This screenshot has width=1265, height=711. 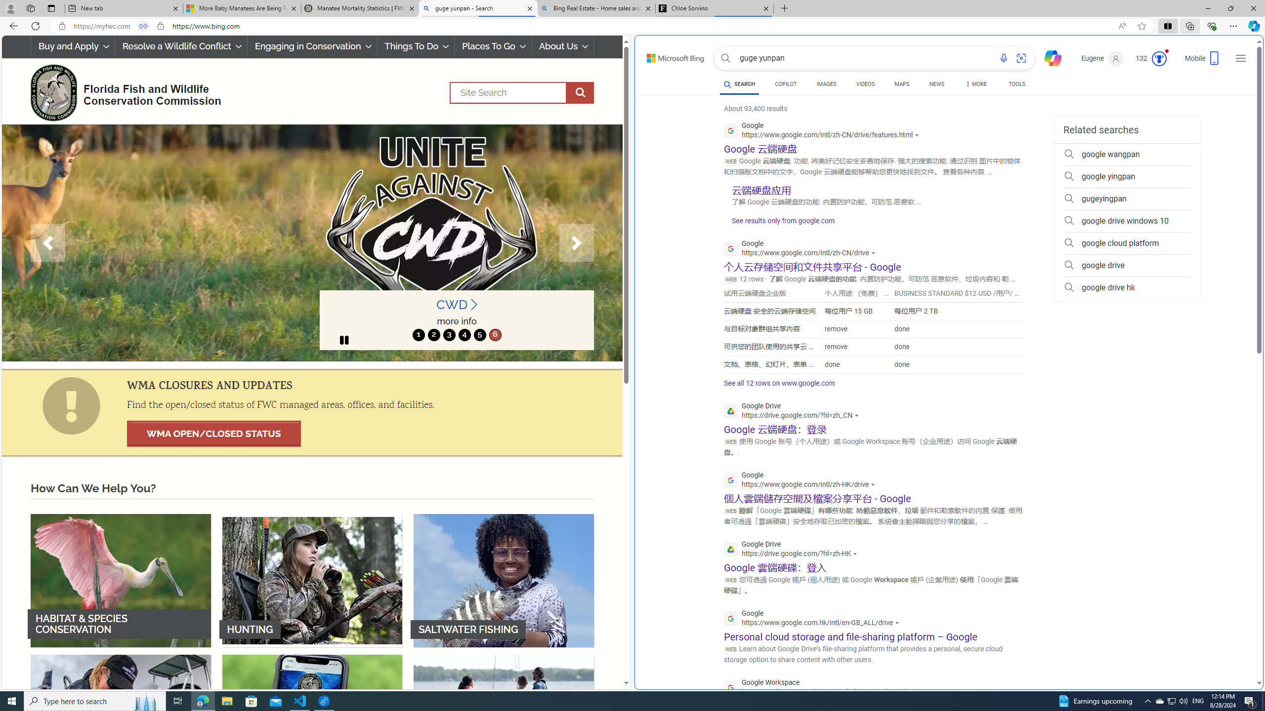 I want to click on '6', so click(x=494, y=334).